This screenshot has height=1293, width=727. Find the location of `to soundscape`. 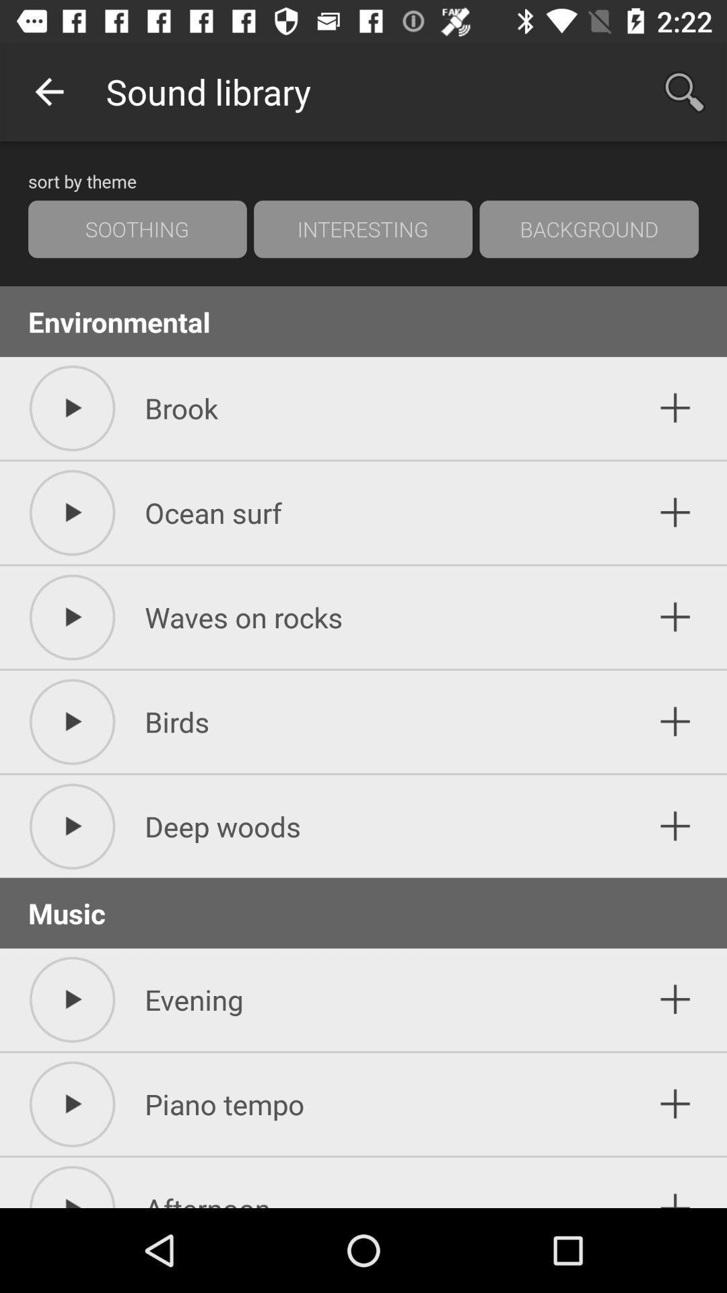

to soundscape is located at coordinates (675, 407).